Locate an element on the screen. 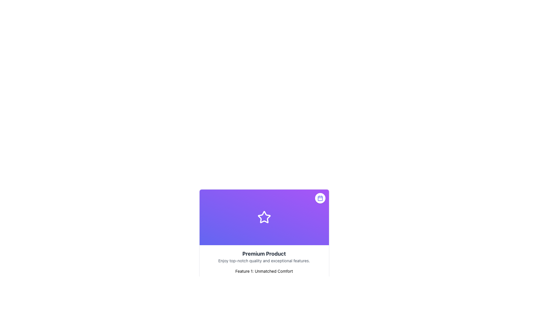  the small rounded rectangle decorative shape located at the center of the calendar icon, which has an indigo hue and is situated at the top-right corner of a purple gradient background card is located at coordinates (320, 198).